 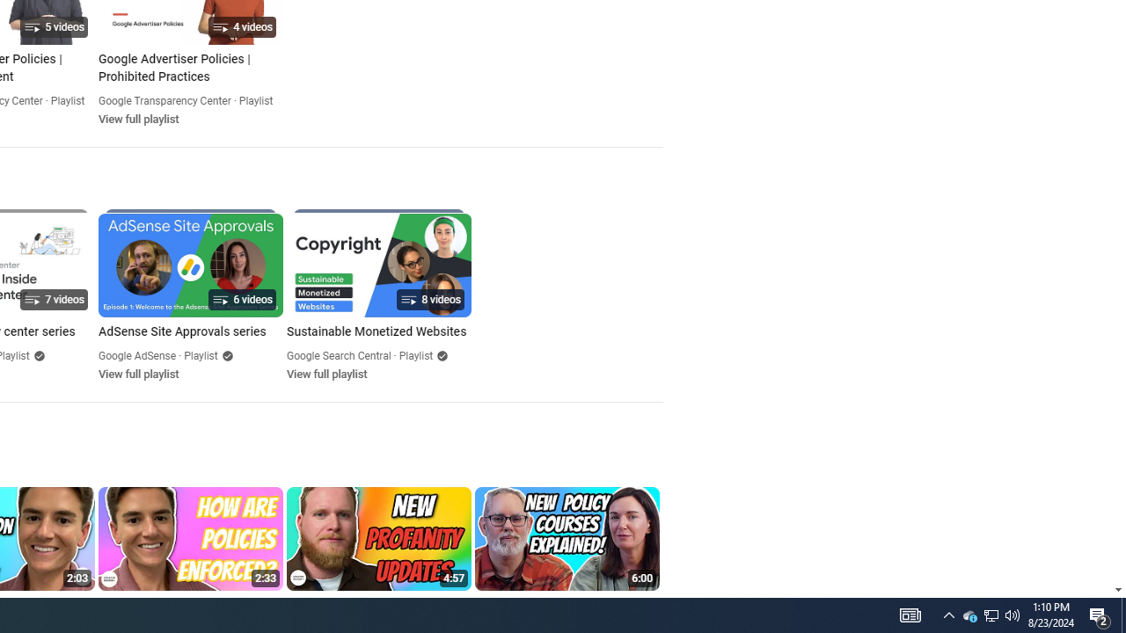 What do you see at coordinates (190, 68) in the screenshot?
I see `'Google Advertiser Policies | Prohibited Practices'` at bounding box center [190, 68].